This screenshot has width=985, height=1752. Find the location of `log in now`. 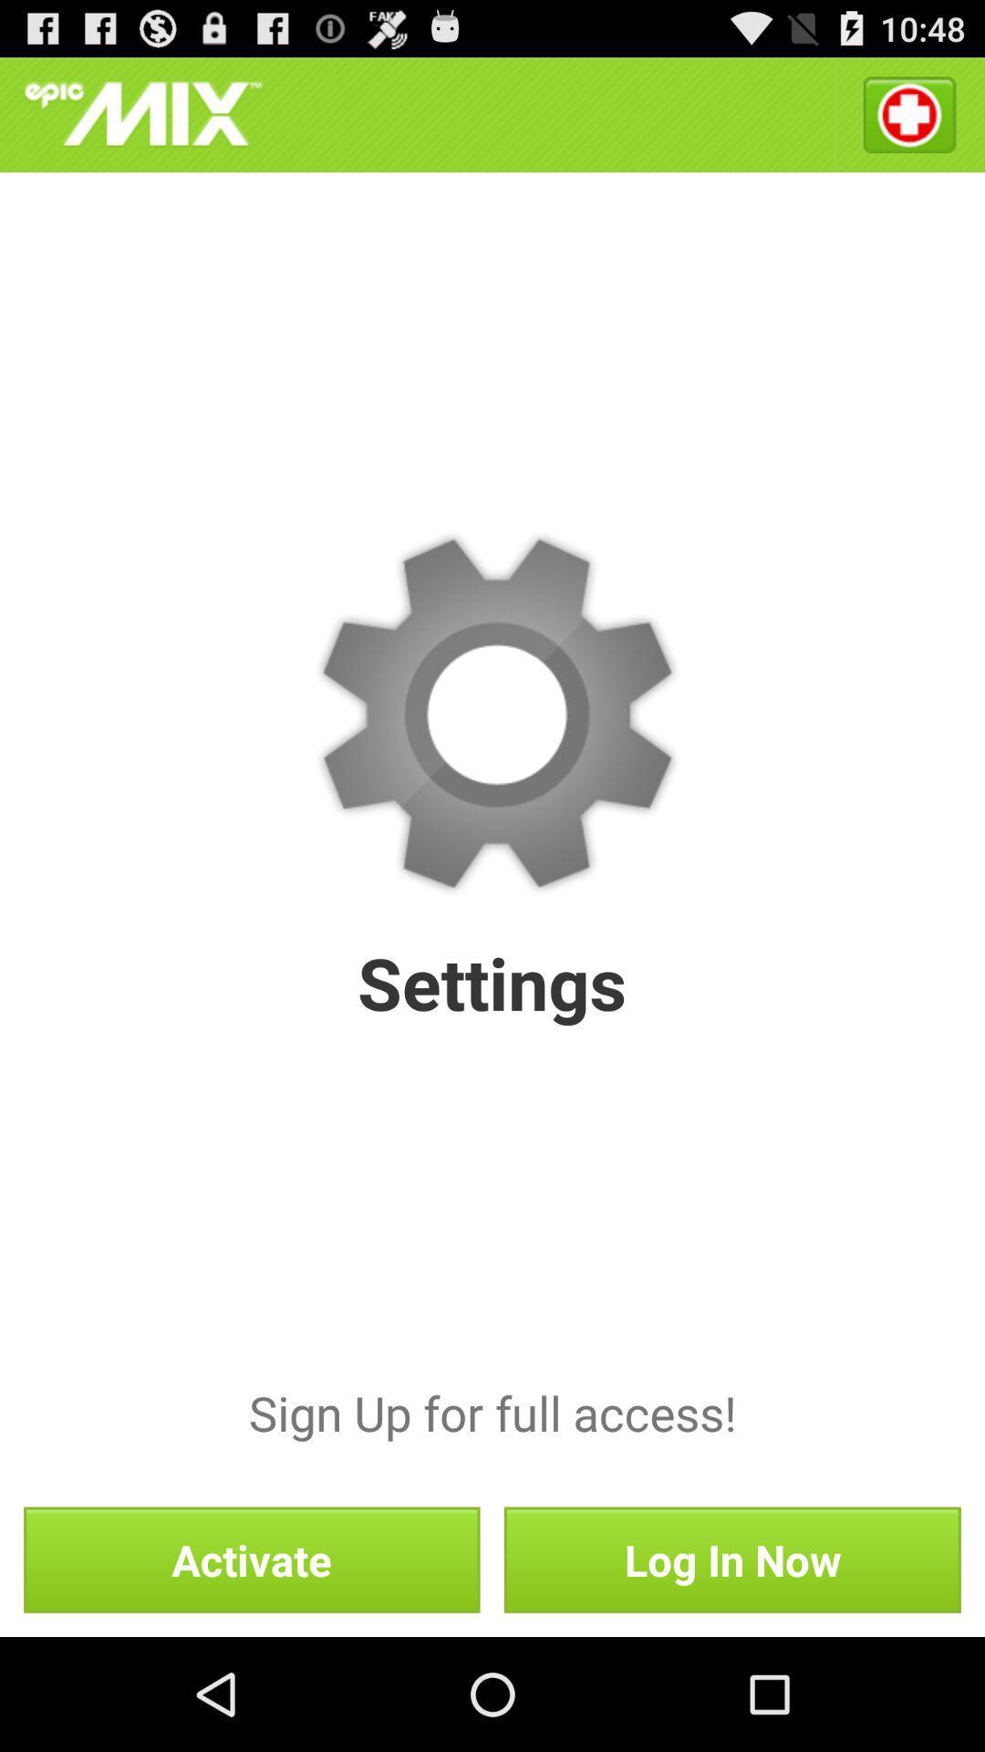

log in now is located at coordinates (731, 1559).